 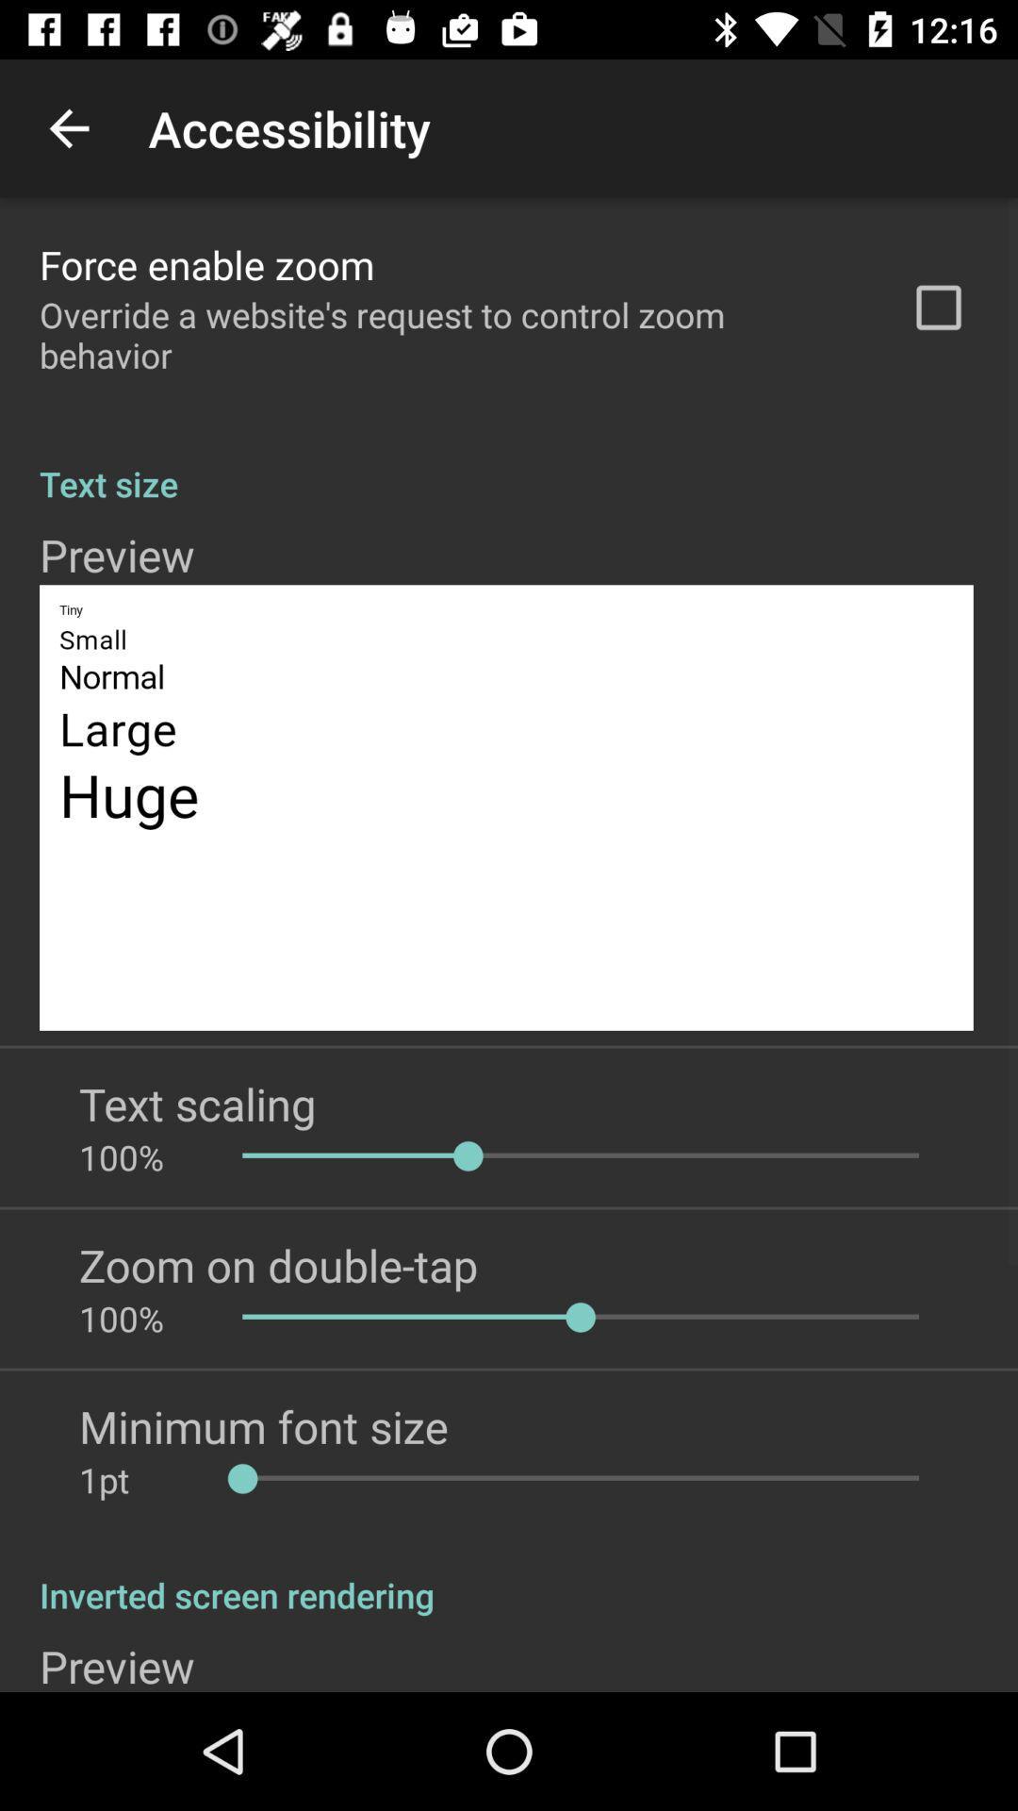 What do you see at coordinates (197, 1104) in the screenshot?
I see `item above the 100% icon` at bounding box center [197, 1104].